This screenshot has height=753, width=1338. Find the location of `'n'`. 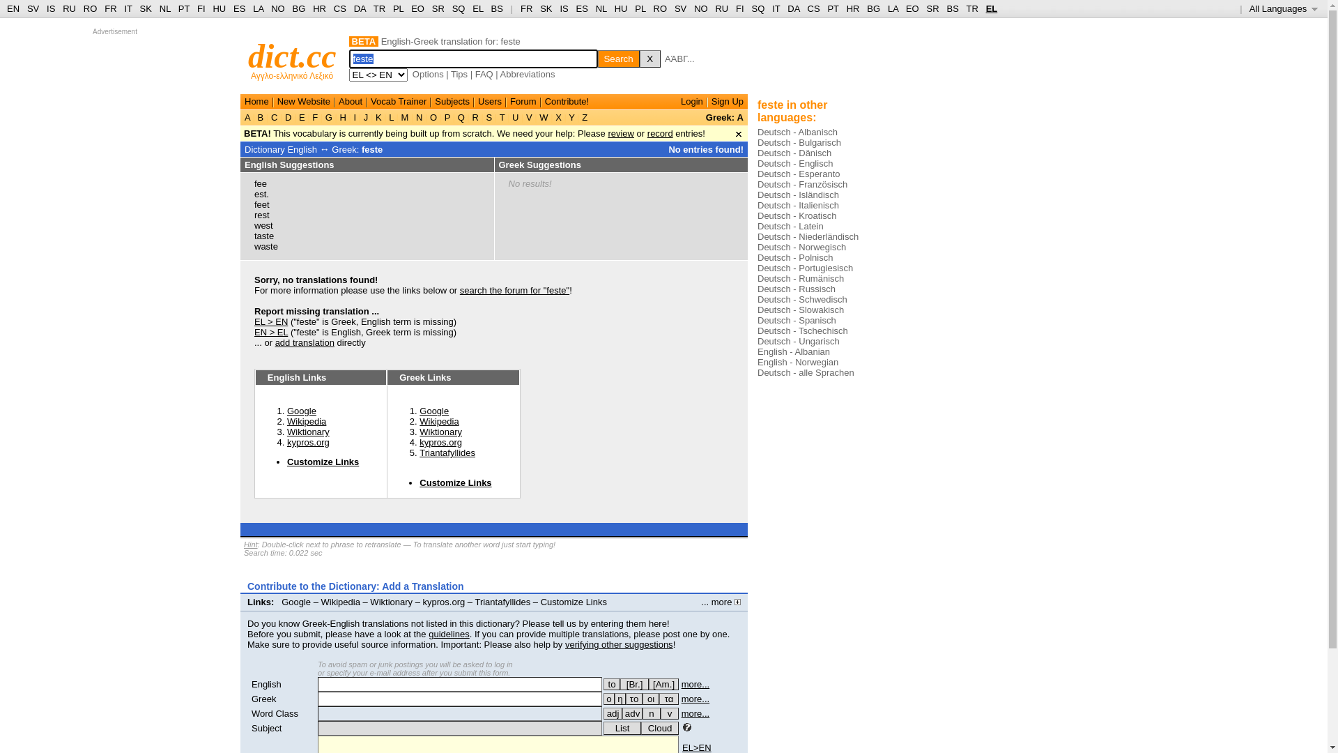

'n' is located at coordinates (641, 713).